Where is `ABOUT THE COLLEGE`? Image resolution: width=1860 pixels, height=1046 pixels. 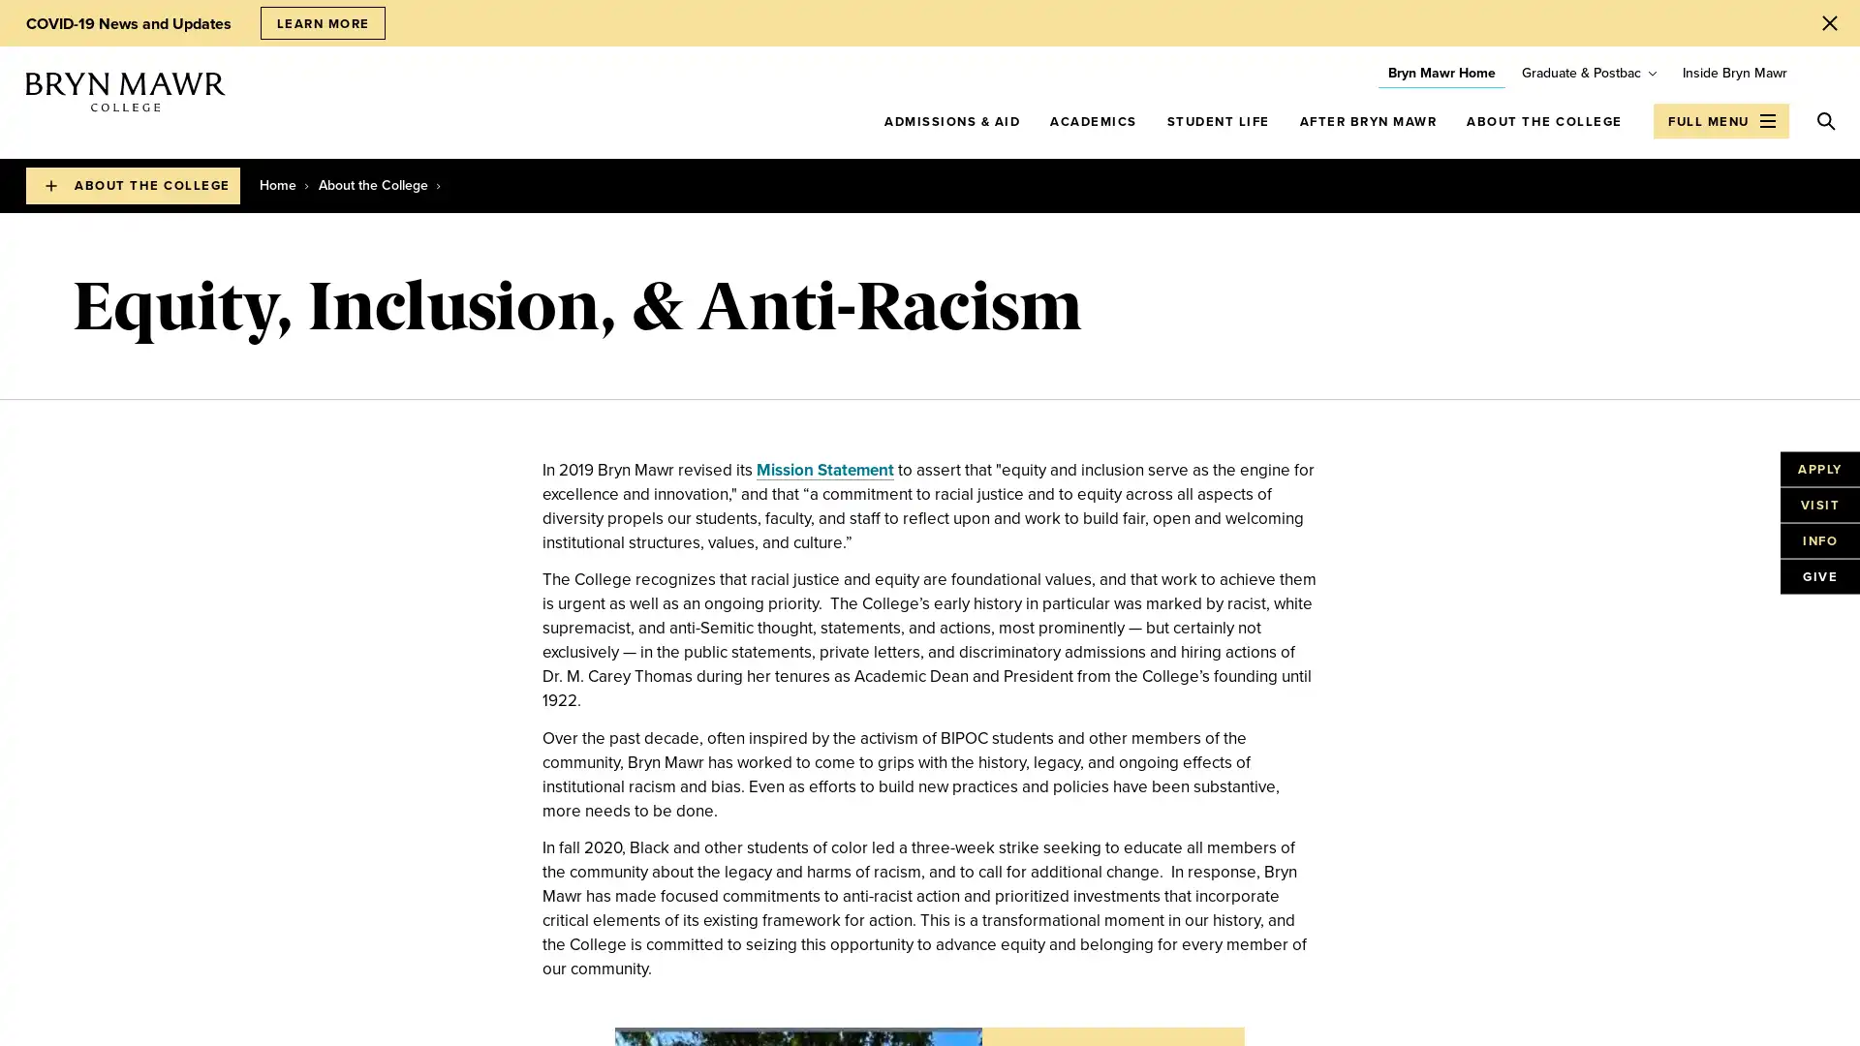
ABOUT THE COLLEGE is located at coordinates (132, 186).